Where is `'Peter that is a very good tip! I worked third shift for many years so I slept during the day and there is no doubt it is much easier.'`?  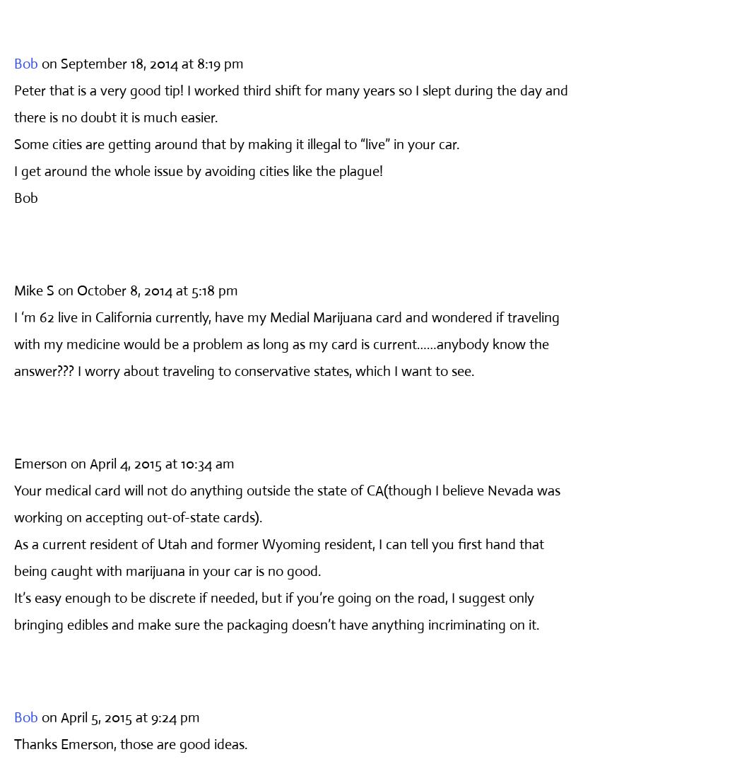
'Peter that is a very good tip! I worked third shift for many years so I slept during the day and there is no doubt it is much easier.' is located at coordinates (291, 102).